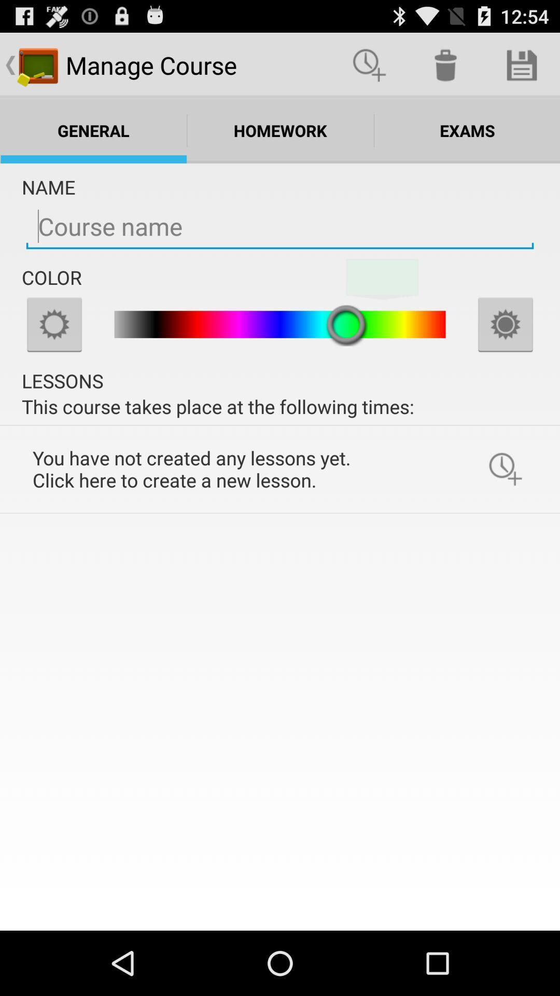 The image size is (560, 996). Describe the element at coordinates (505, 347) in the screenshot. I see `the weather icon` at that location.